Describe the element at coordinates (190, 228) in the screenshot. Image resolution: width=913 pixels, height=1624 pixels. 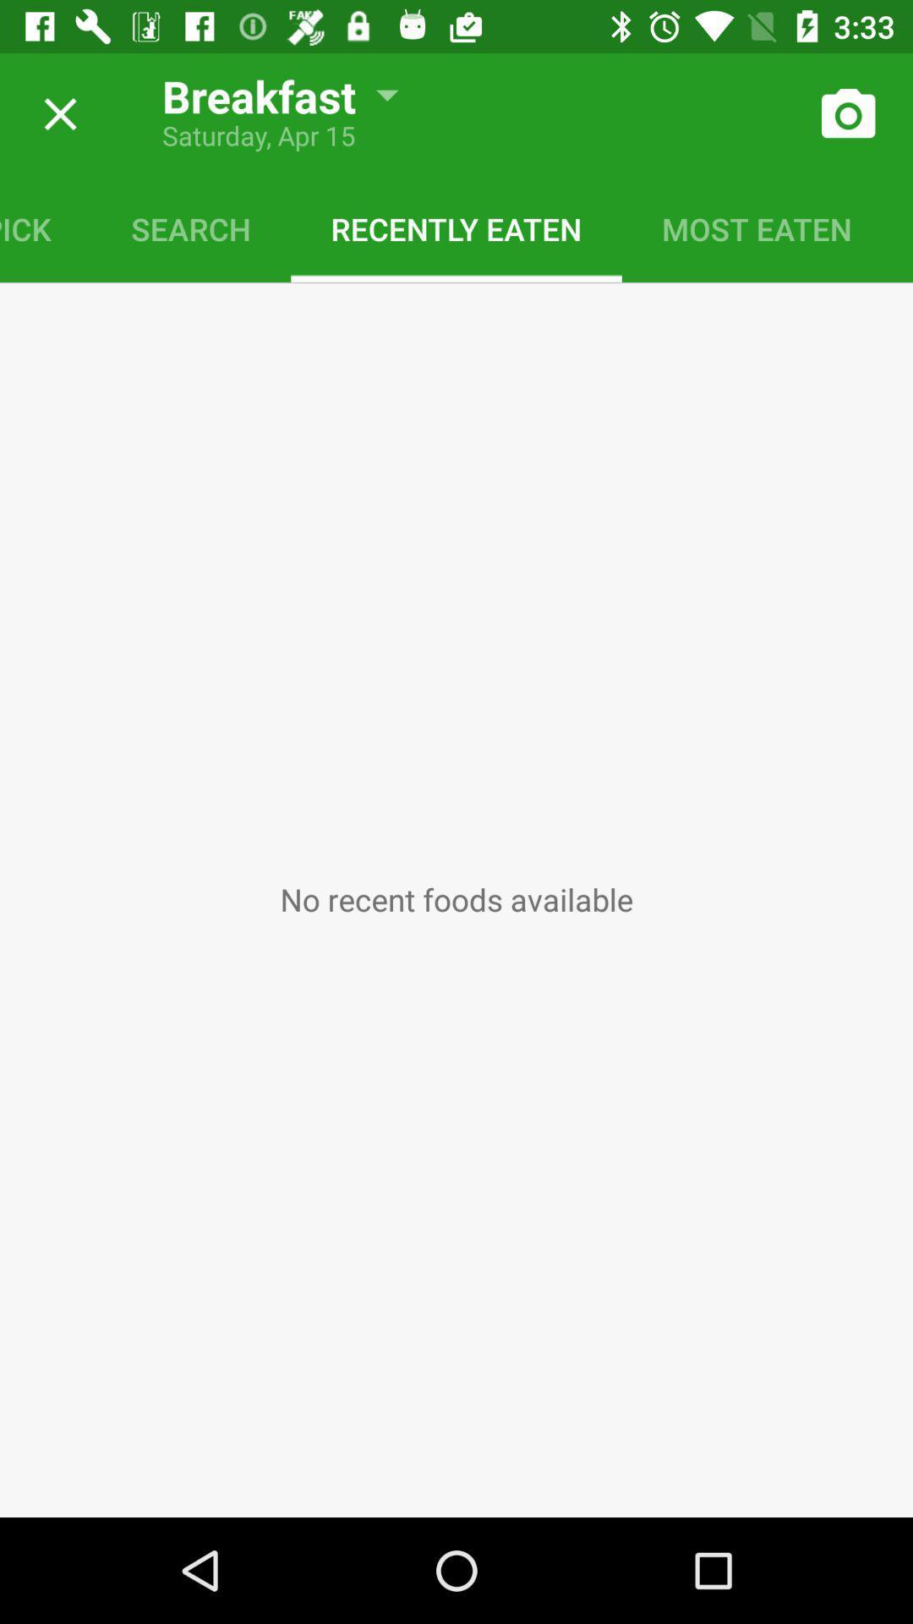
I see `item next to the recently eaten item` at that location.